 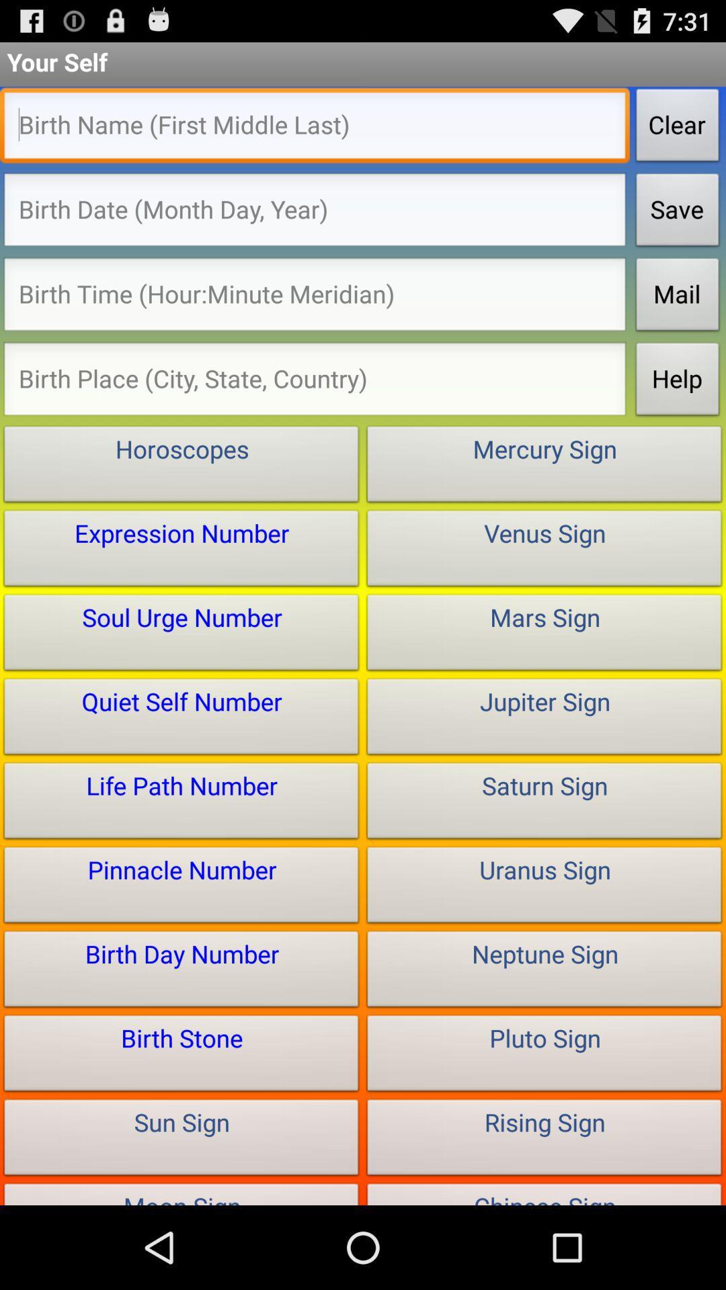 I want to click on type in full birth name, so click(x=315, y=129).